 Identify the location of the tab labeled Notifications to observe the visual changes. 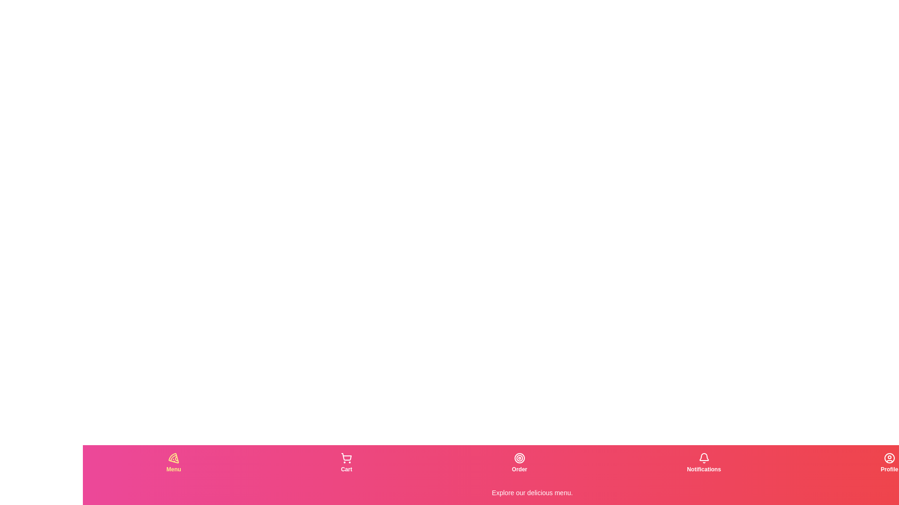
(703, 463).